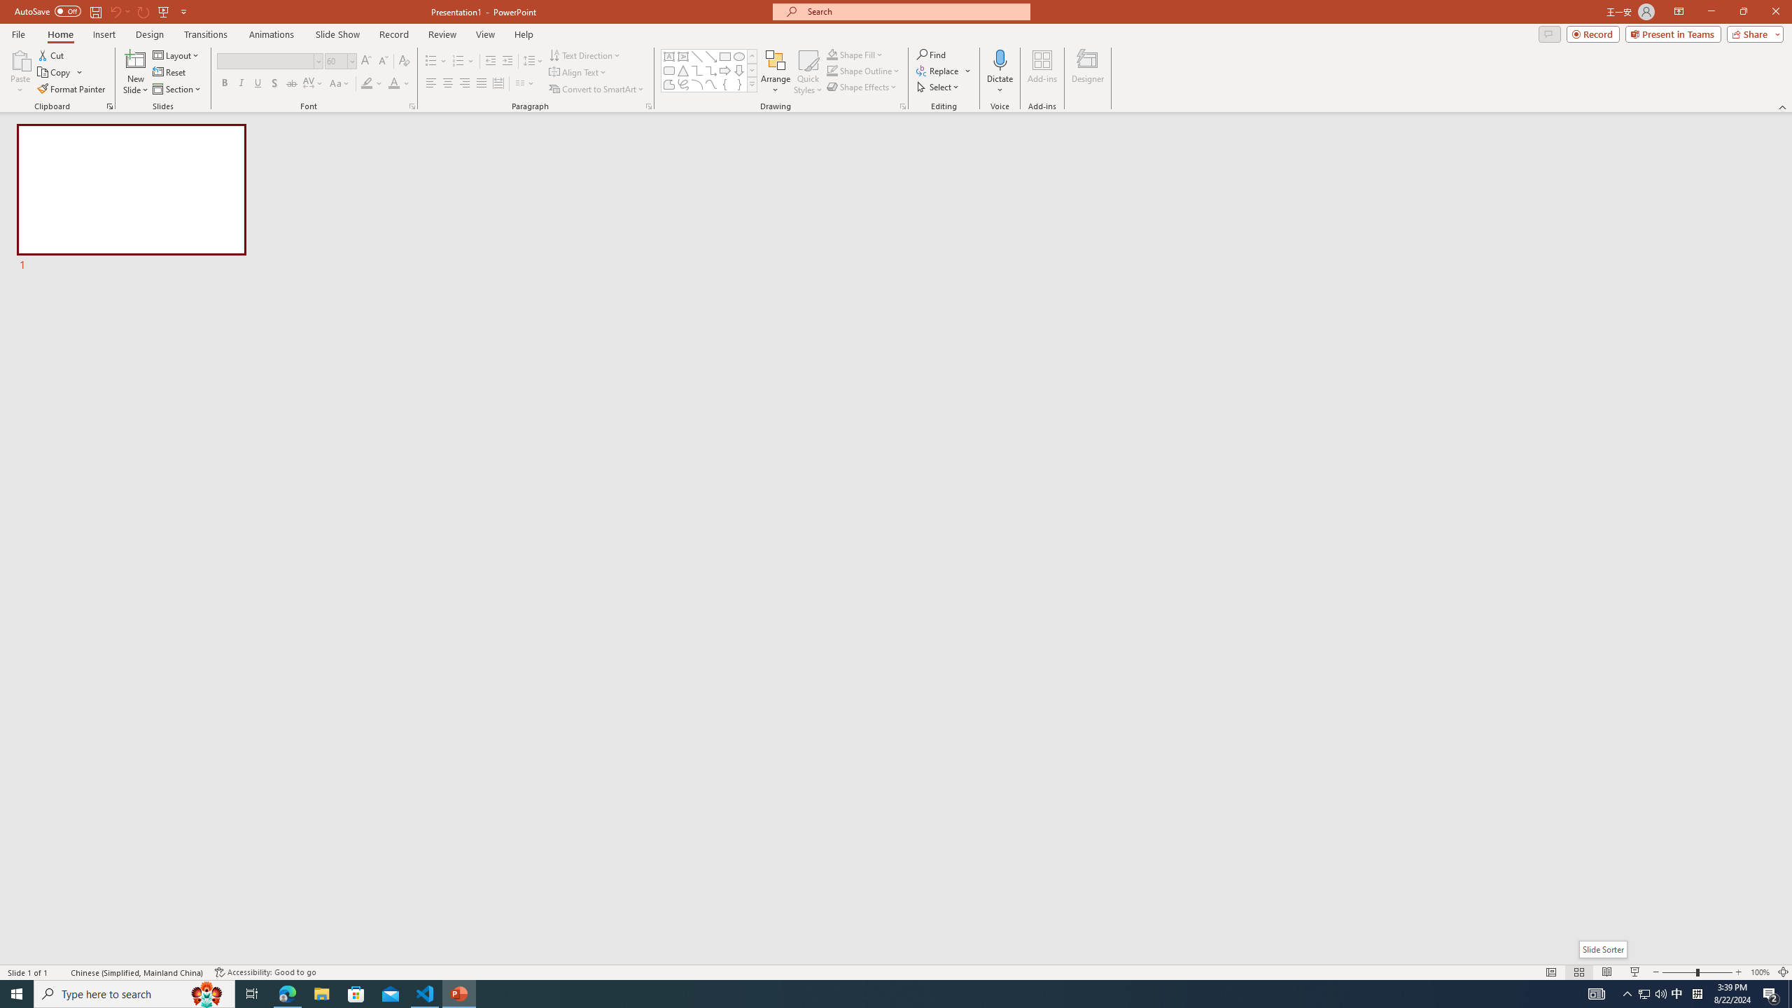 Image resolution: width=1792 pixels, height=1008 pixels. Describe the element at coordinates (832, 54) in the screenshot. I see `'Shape Fill Orange, Accent 2'` at that location.